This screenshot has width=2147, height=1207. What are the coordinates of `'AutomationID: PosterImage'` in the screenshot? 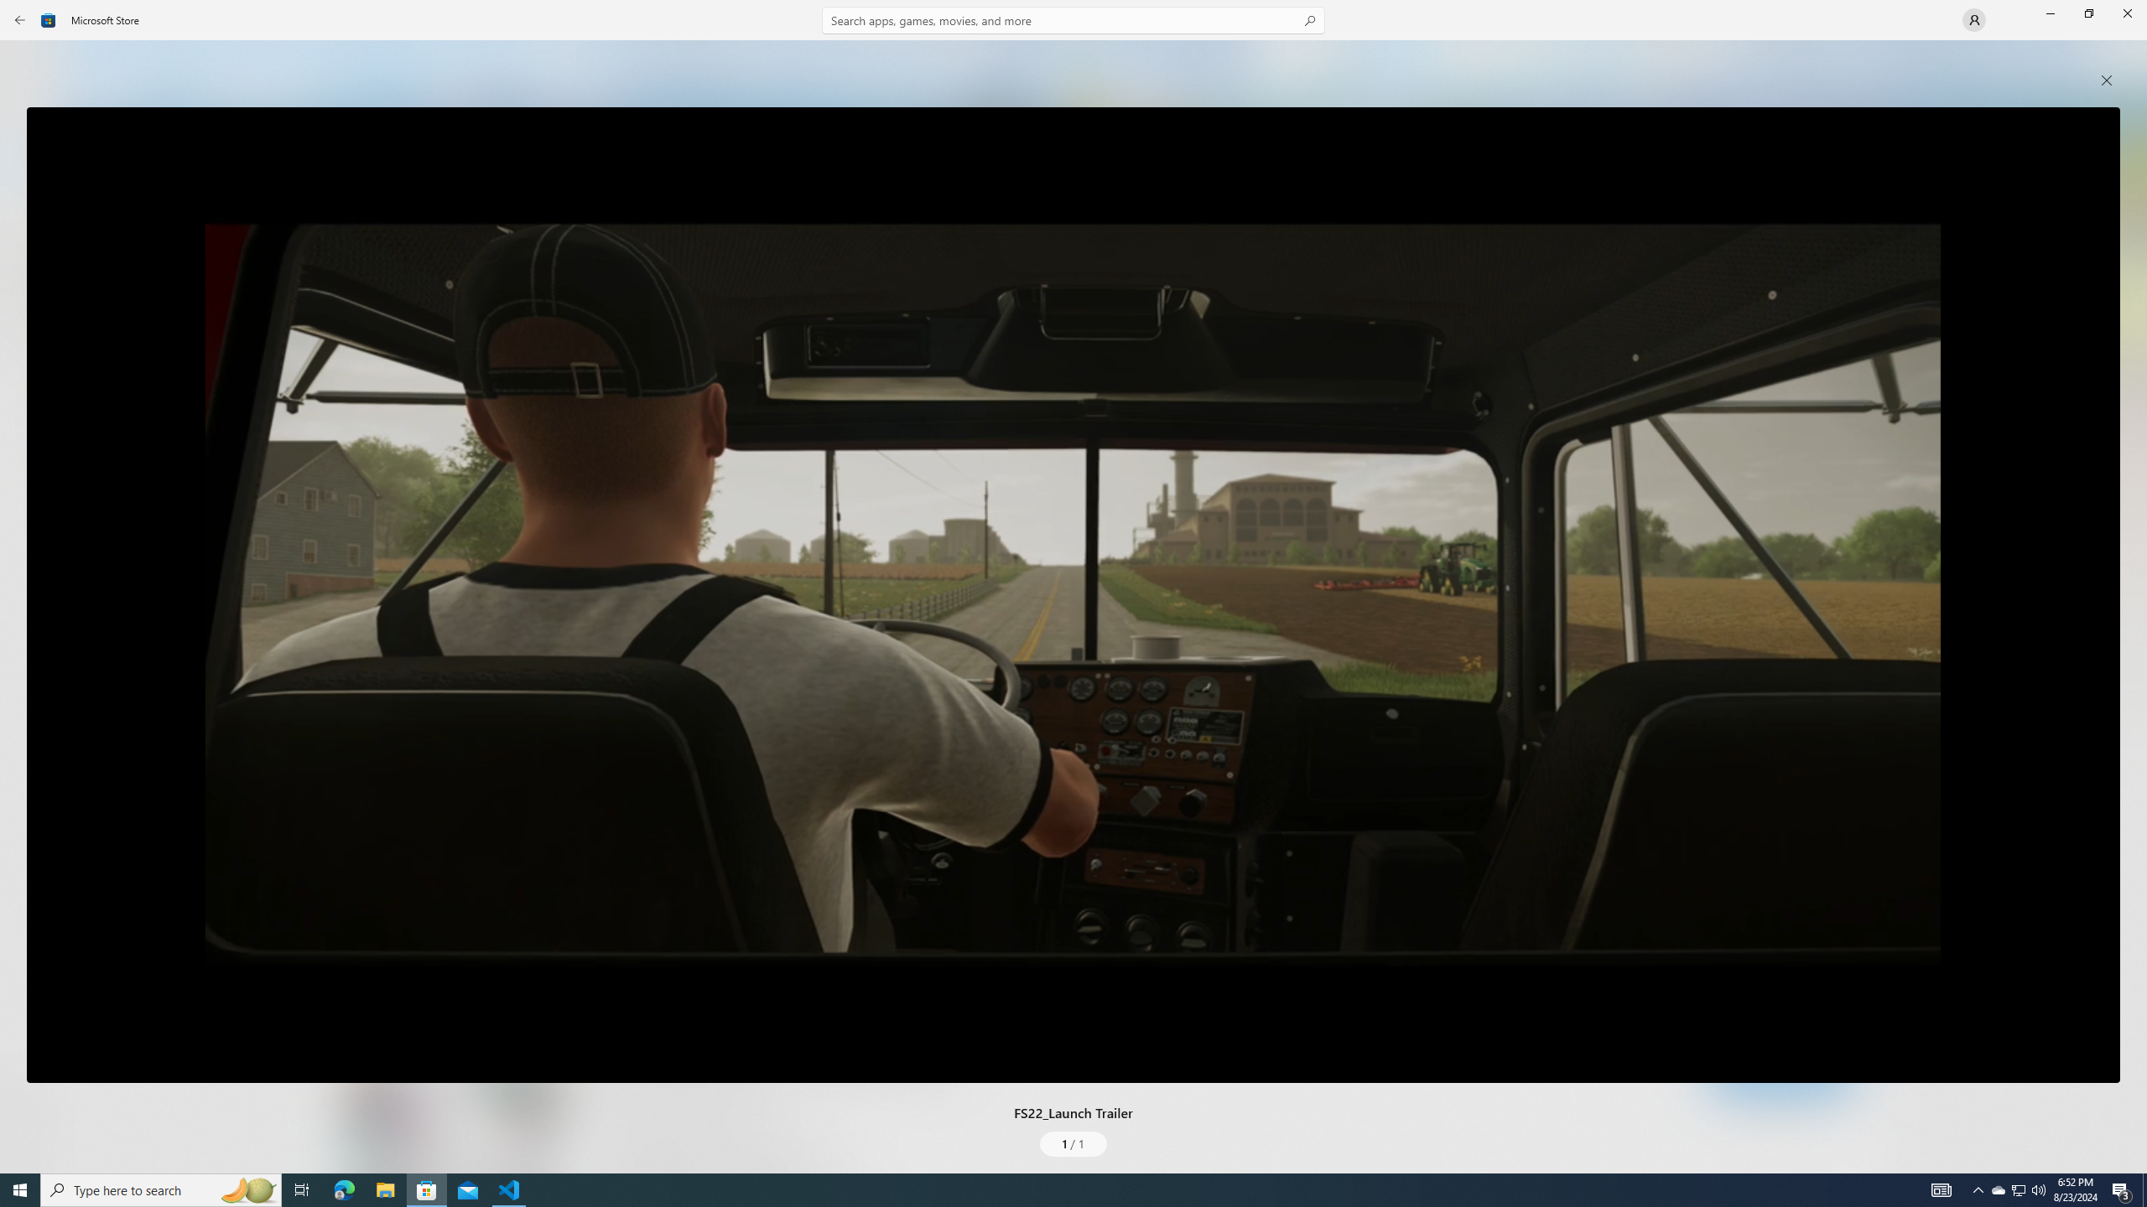 It's located at (1073, 593).